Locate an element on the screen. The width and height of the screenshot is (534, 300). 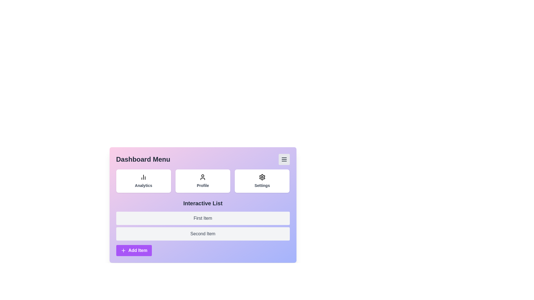
the 'Settings' button to access its functionality is located at coordinates (262, 177).